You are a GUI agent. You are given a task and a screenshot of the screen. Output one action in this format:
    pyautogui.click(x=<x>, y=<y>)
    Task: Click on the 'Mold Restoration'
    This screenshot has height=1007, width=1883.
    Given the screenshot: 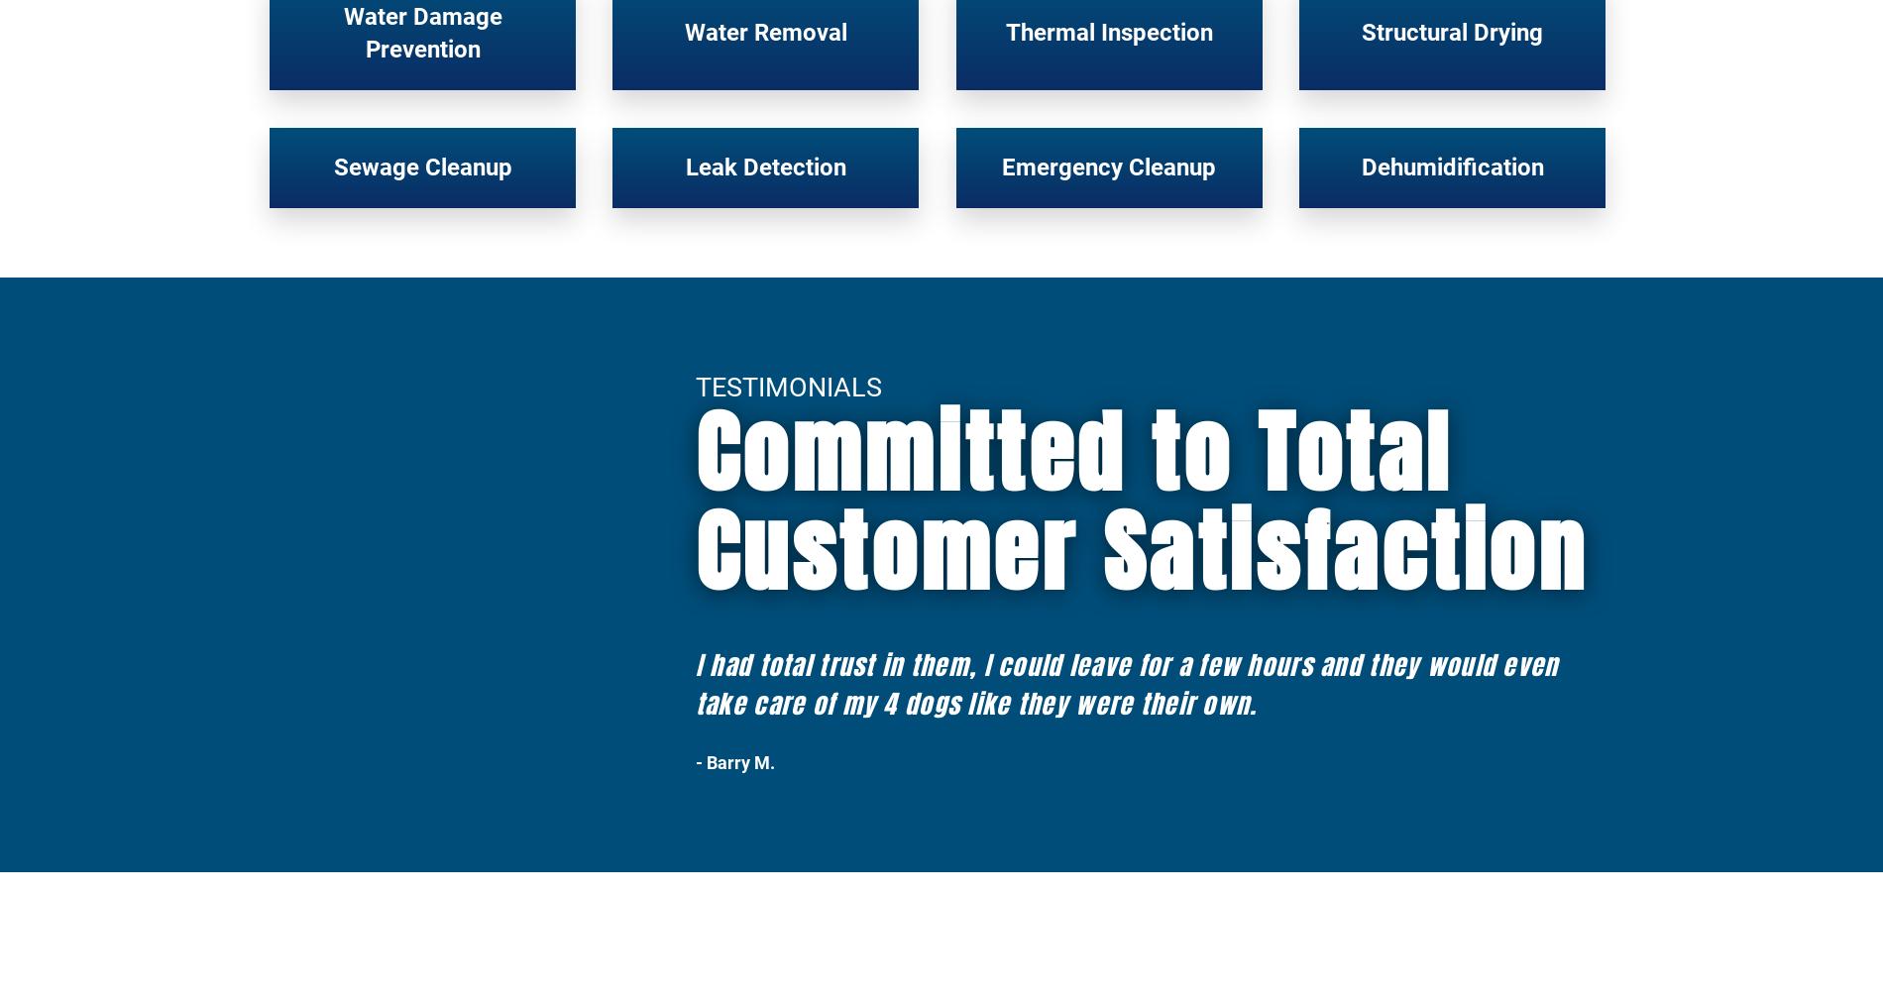 What is the action you would take?
    pyautogui.click(x=497, y=607)
    